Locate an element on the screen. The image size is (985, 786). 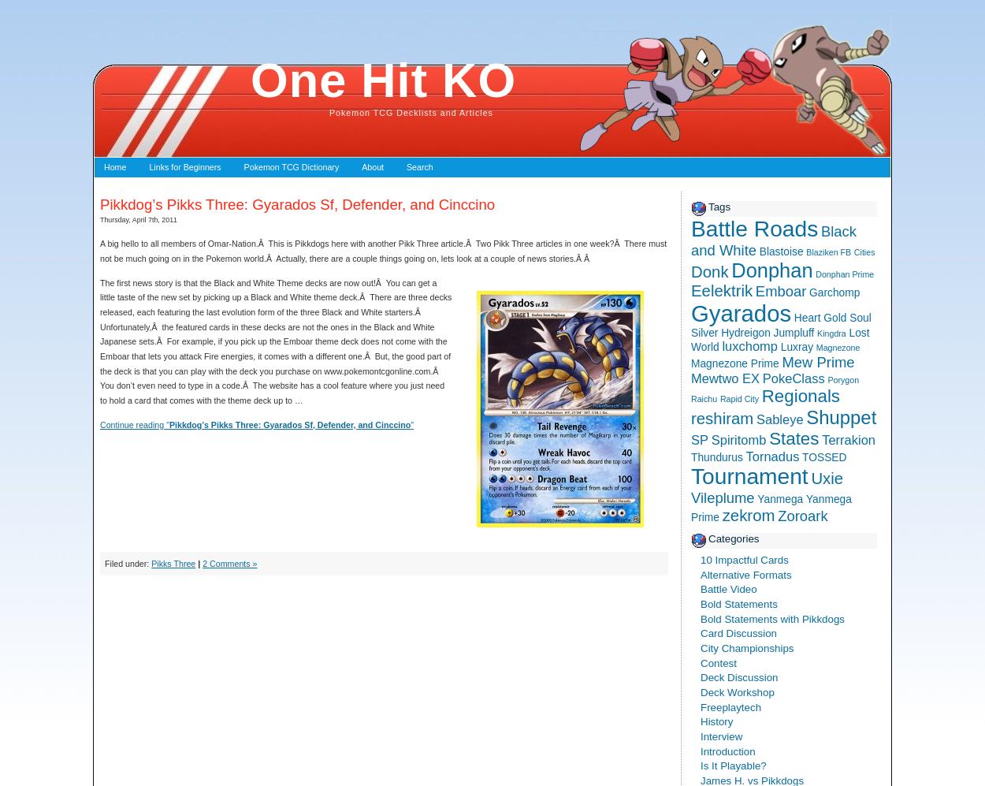
'Battle Roads' is located at coordinates (691, 229).